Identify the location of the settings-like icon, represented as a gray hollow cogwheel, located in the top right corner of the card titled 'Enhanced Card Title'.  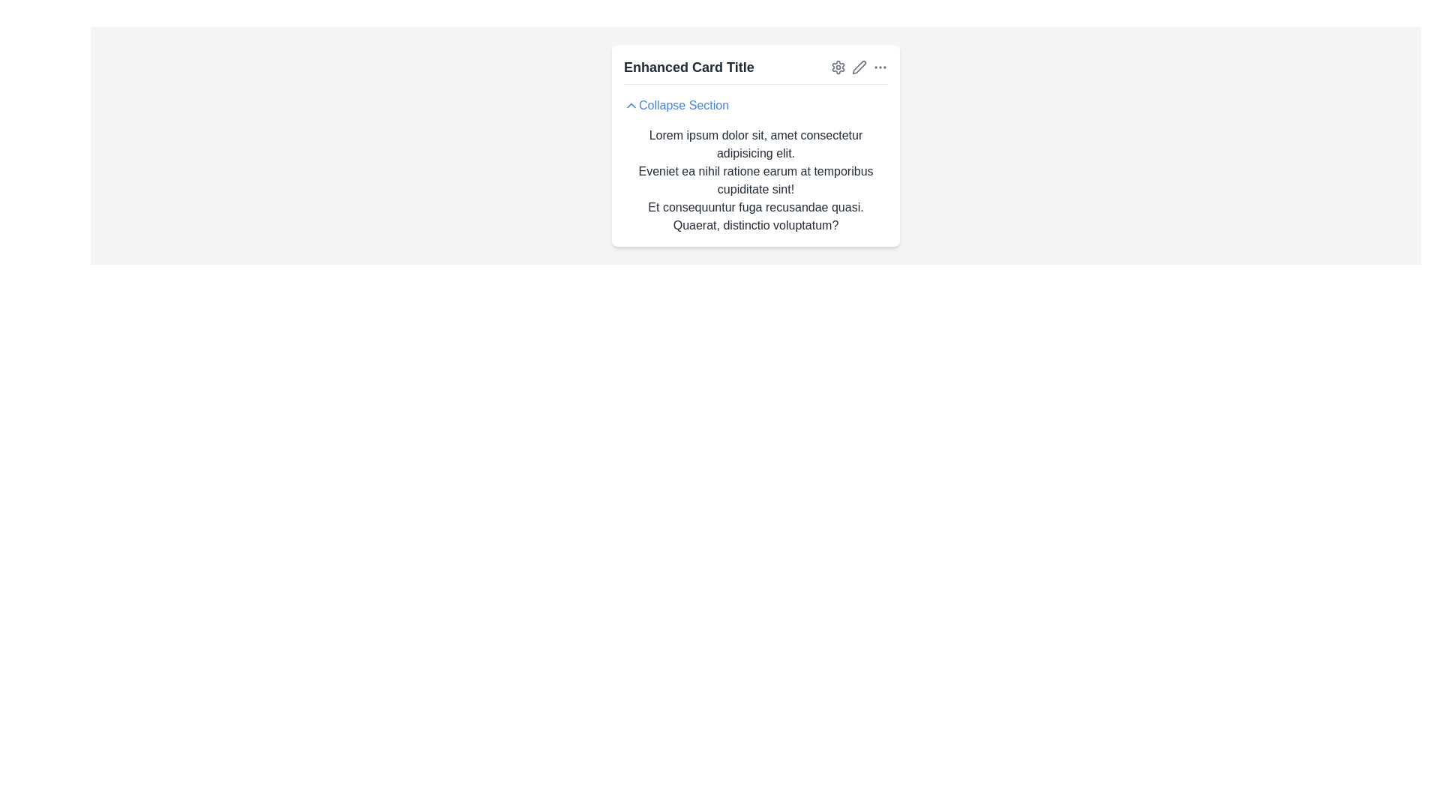
(838, 66).